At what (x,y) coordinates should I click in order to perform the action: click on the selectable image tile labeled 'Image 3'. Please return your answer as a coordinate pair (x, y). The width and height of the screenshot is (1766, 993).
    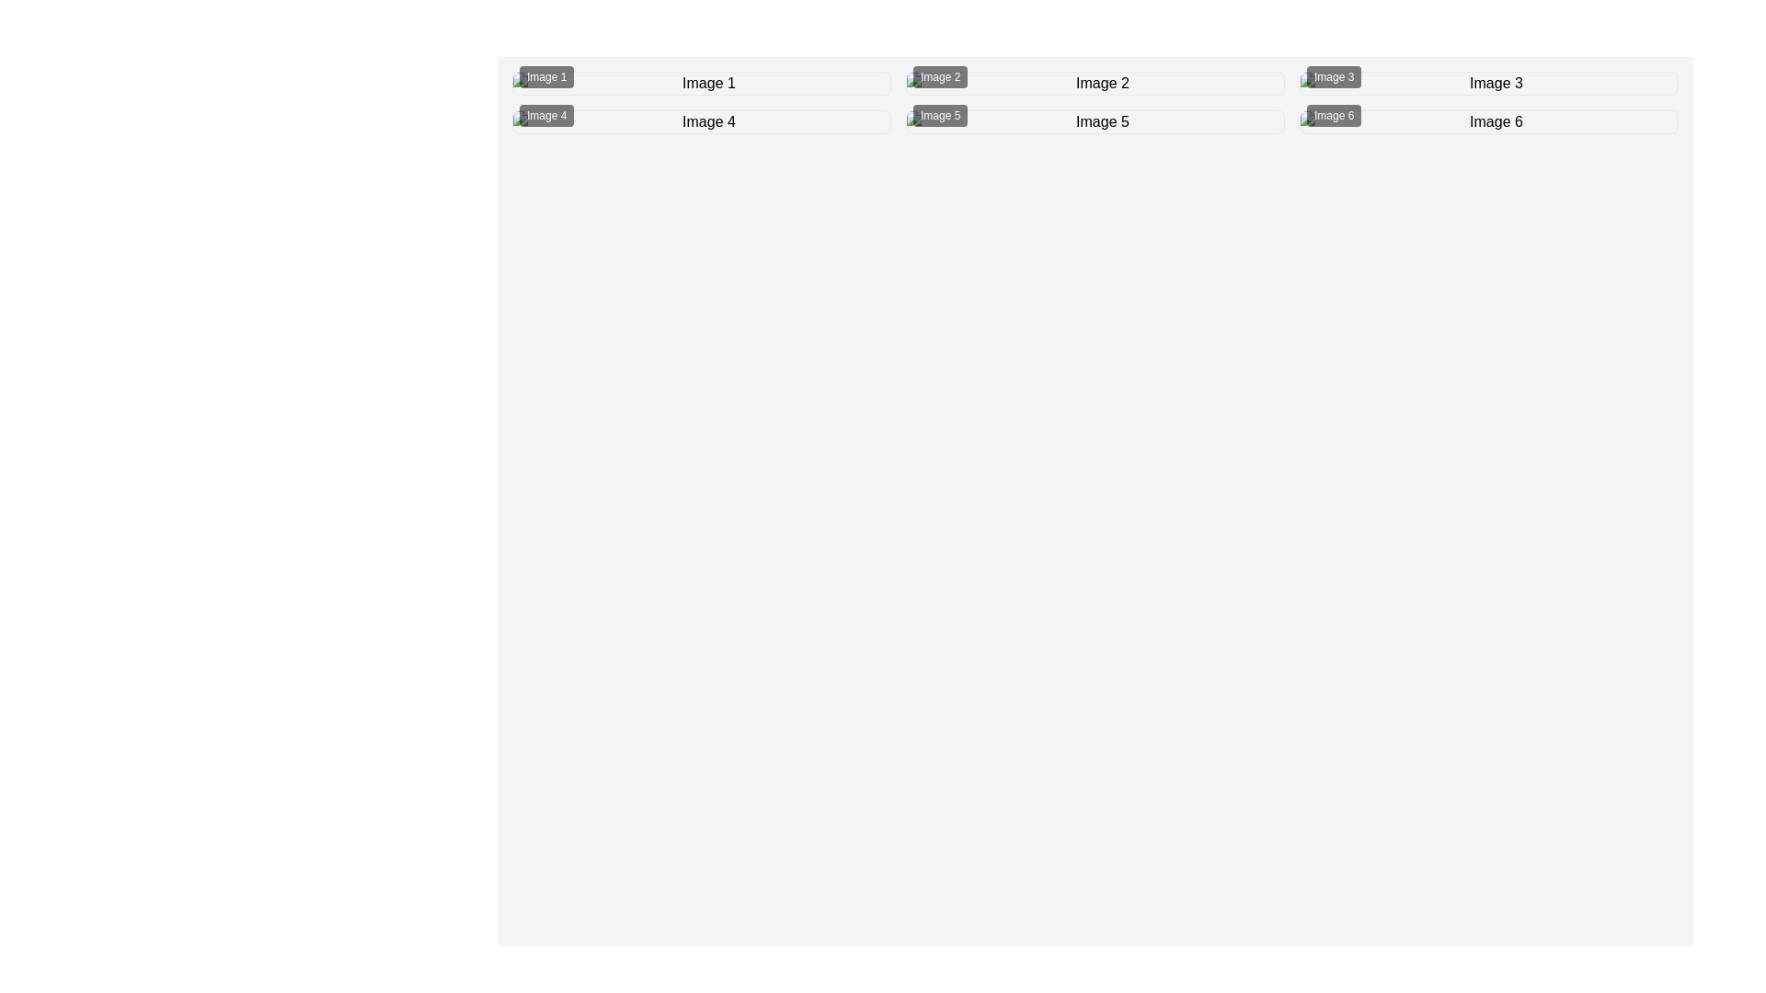
    Looking at the image, I should click on (1488, 84).